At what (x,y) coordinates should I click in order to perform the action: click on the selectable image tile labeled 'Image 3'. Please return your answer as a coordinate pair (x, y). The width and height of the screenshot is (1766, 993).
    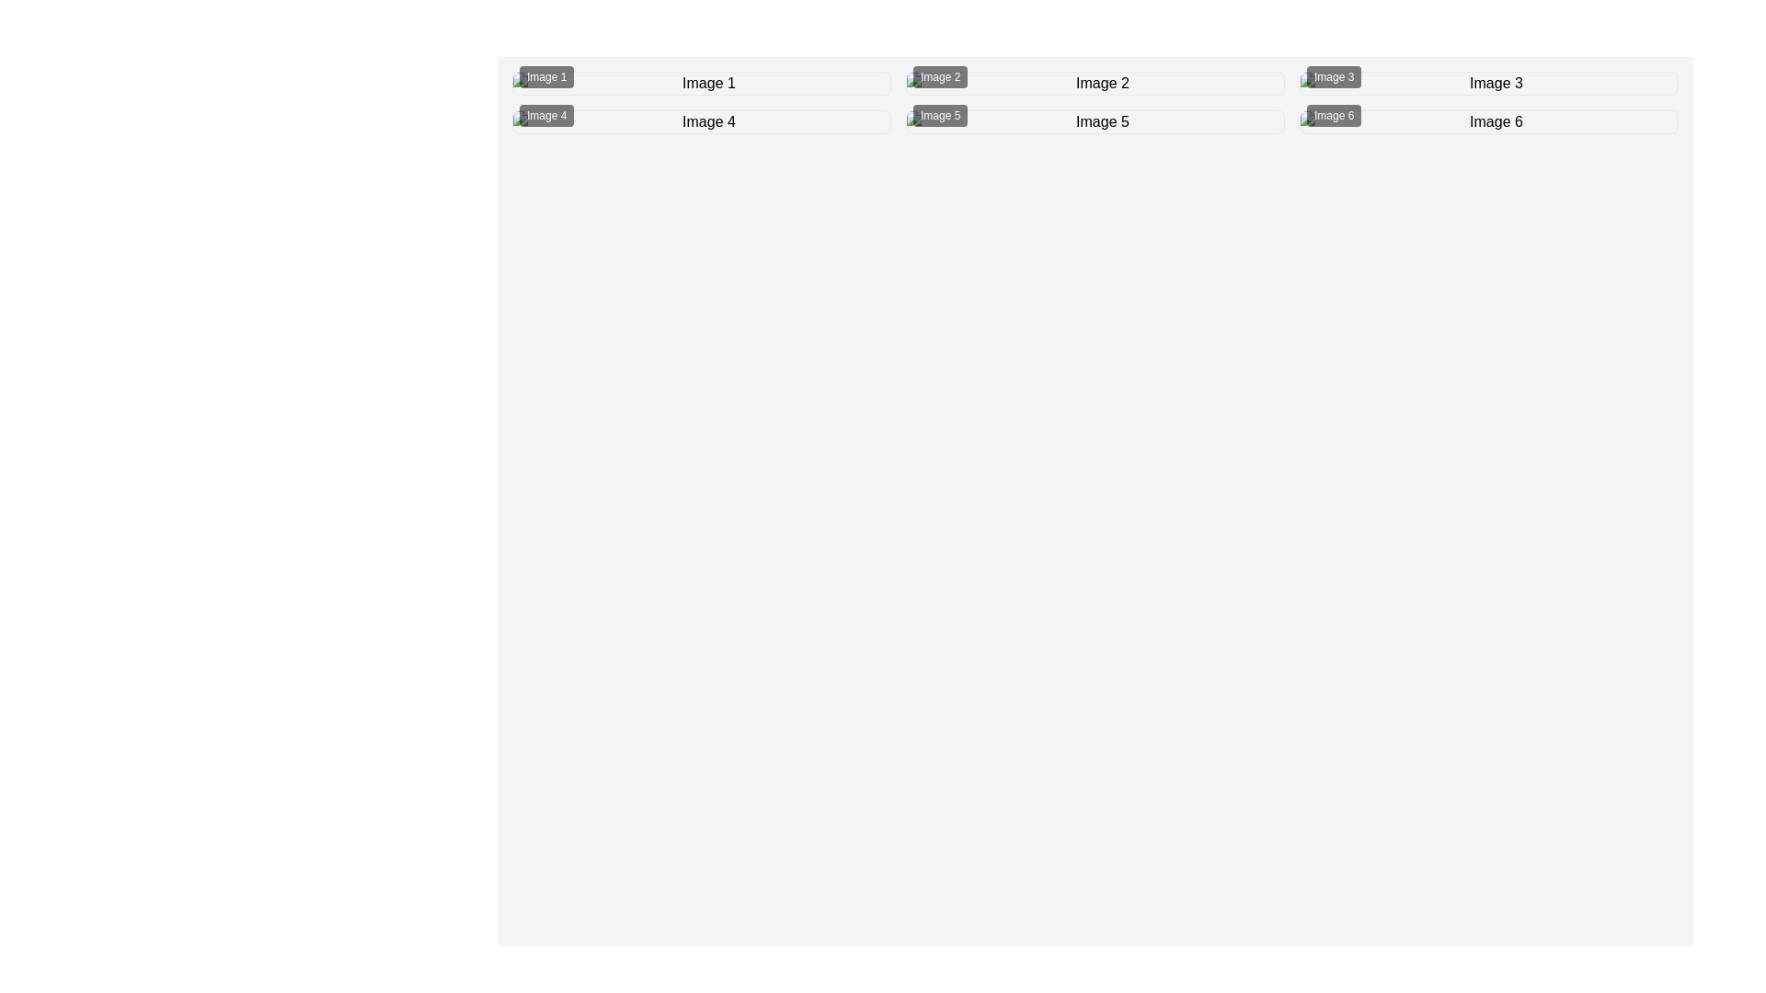
    Looking at the image, I should click on (1488, 84).